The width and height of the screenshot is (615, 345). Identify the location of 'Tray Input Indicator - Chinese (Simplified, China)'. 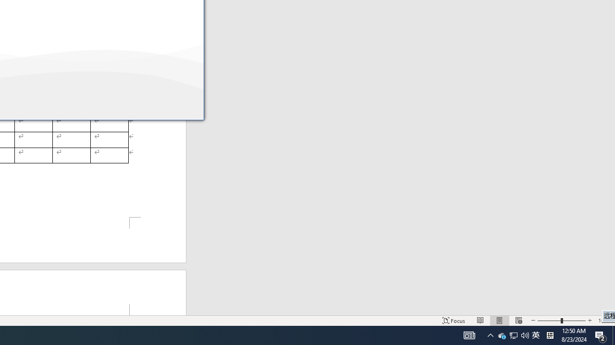
(550, 334).